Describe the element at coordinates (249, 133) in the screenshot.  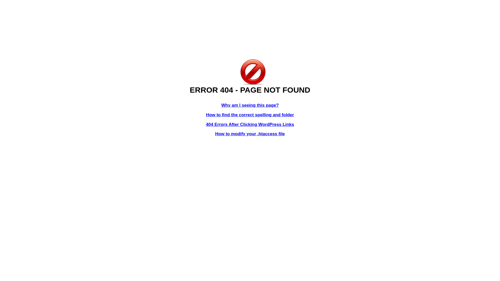
I see `'How to modify your .htaccess file'` at that location.